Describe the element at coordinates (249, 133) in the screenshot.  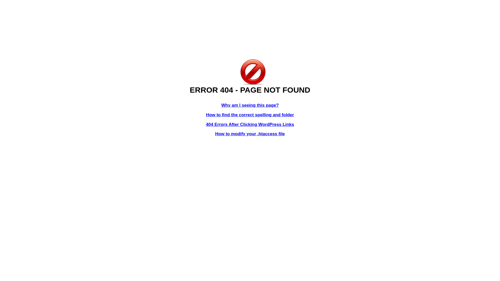
I see `'How to modify your .htaccess file'` at that location.